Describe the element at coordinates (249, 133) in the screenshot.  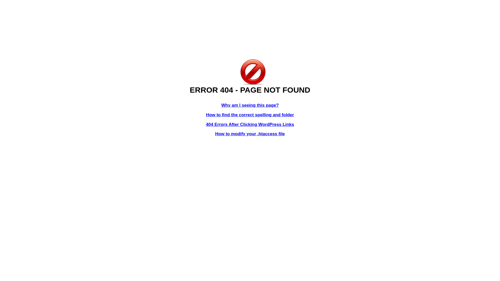
I see `'How to modify your .htaccess file'` at that location.